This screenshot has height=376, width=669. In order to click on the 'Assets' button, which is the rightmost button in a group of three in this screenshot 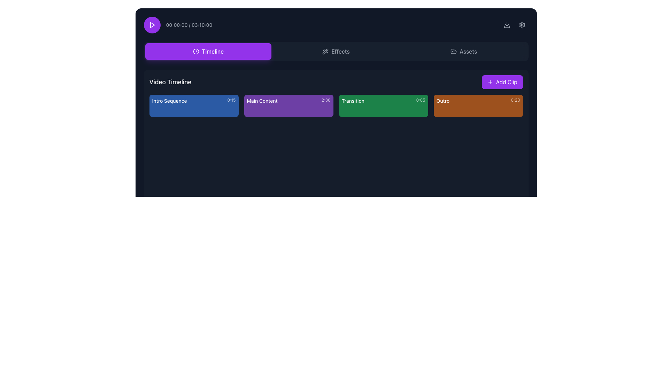, I will do `click(464, 51)`.